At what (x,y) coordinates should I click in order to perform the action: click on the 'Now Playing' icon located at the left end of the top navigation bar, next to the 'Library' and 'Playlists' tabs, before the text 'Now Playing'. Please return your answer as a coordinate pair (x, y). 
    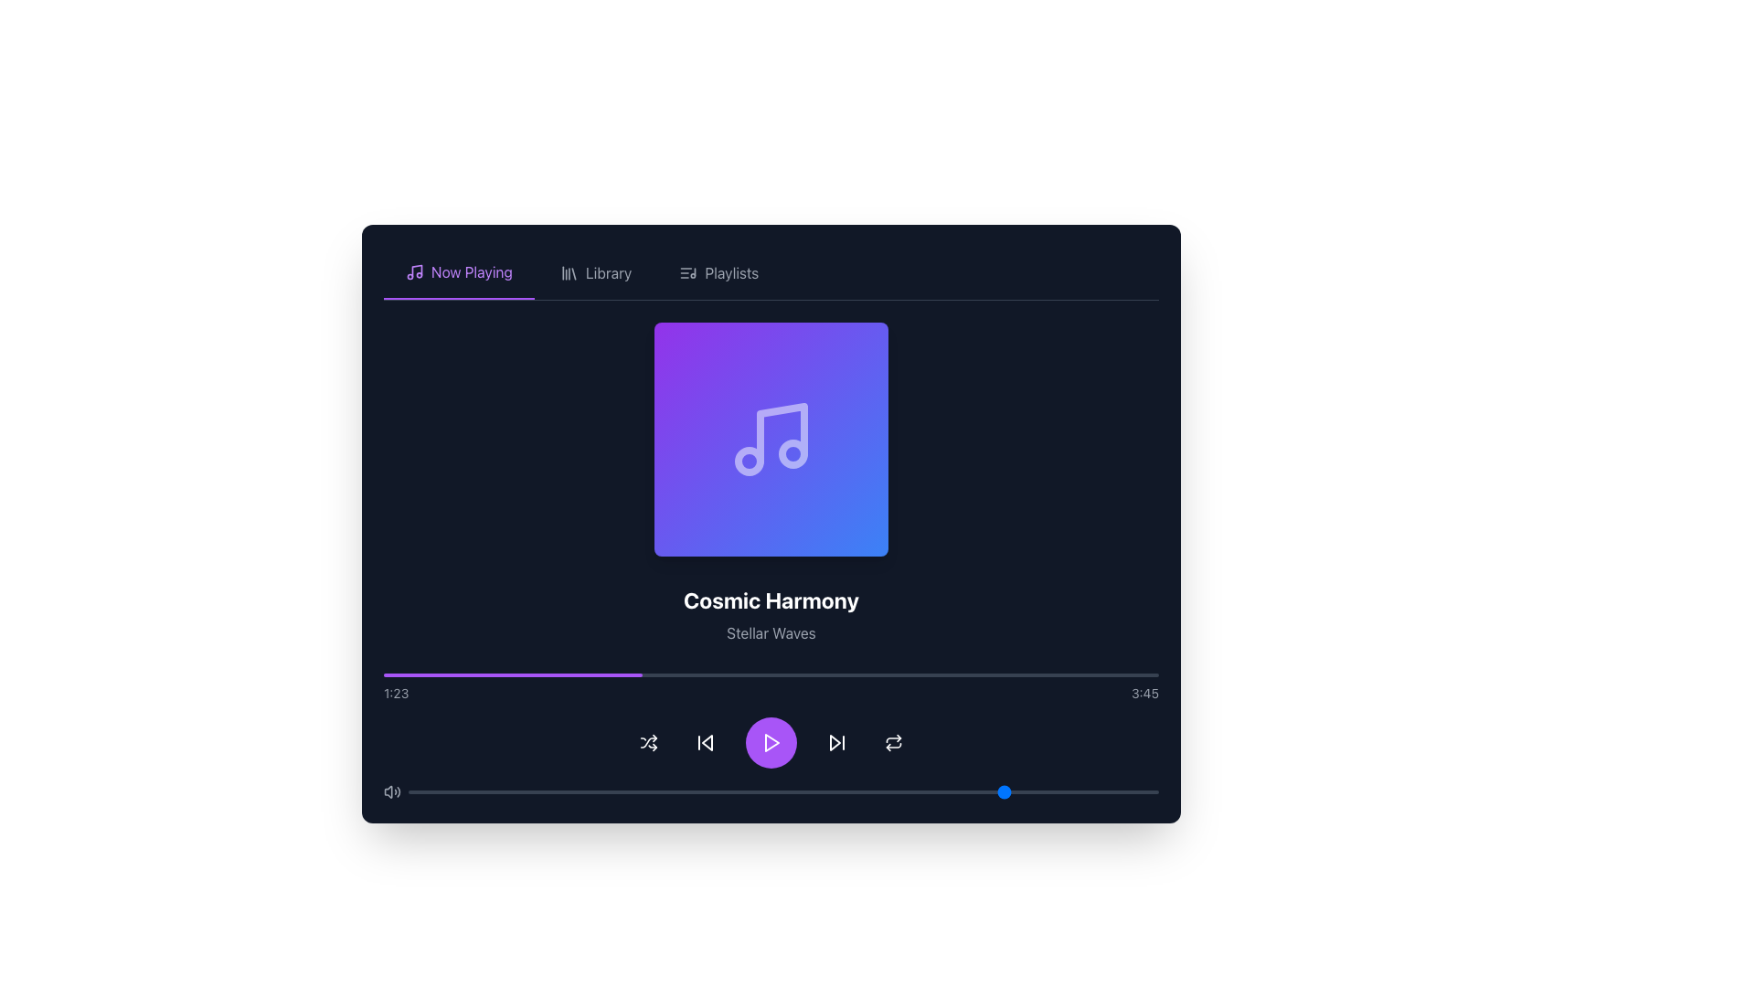
    Looking at the image, I should click on (414, 271).